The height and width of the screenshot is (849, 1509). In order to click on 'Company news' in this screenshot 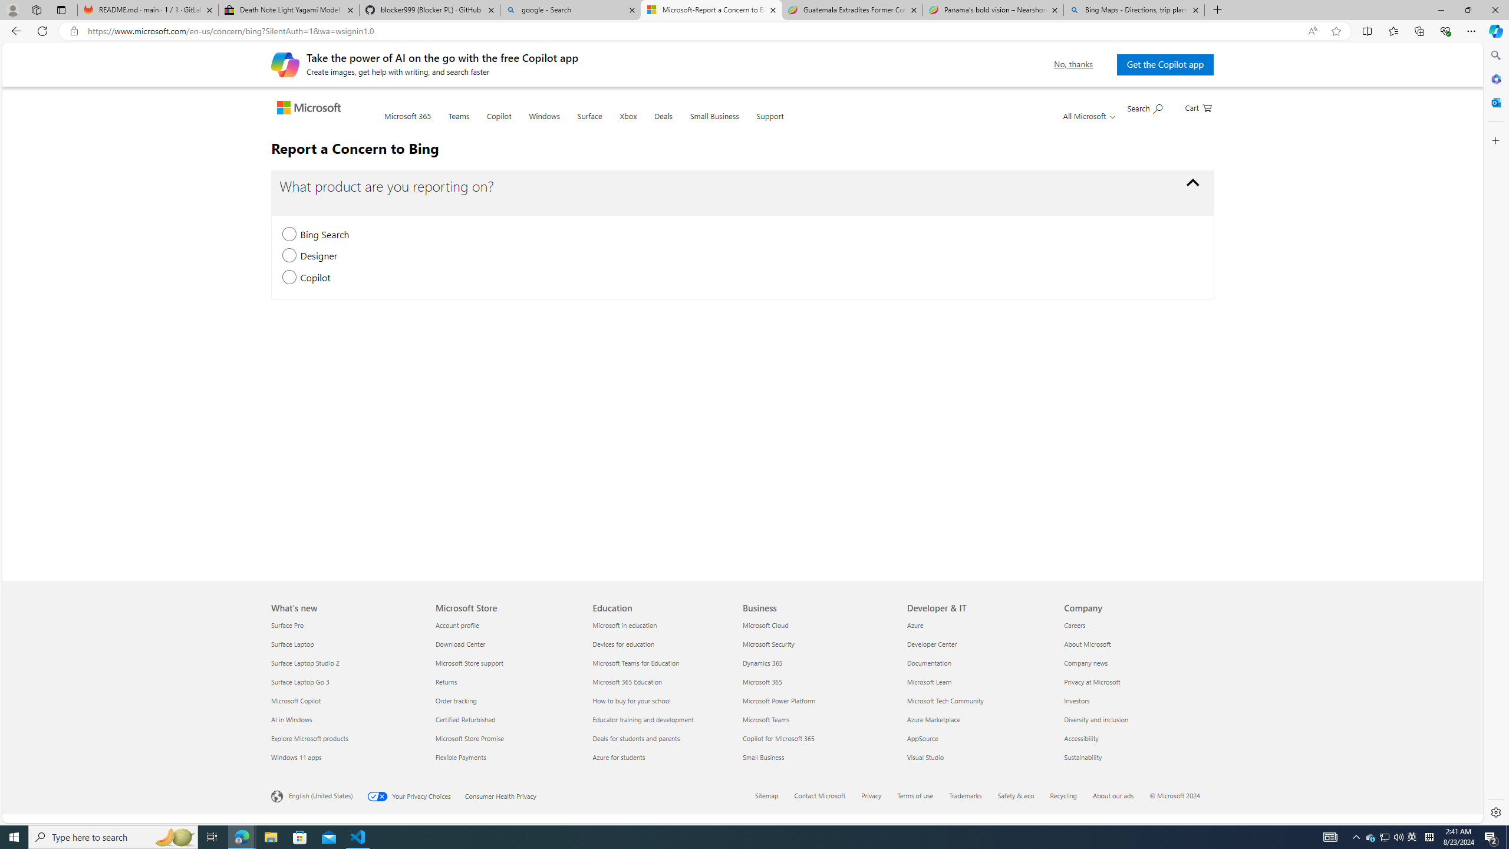, I will do `click(1135, 662)`.